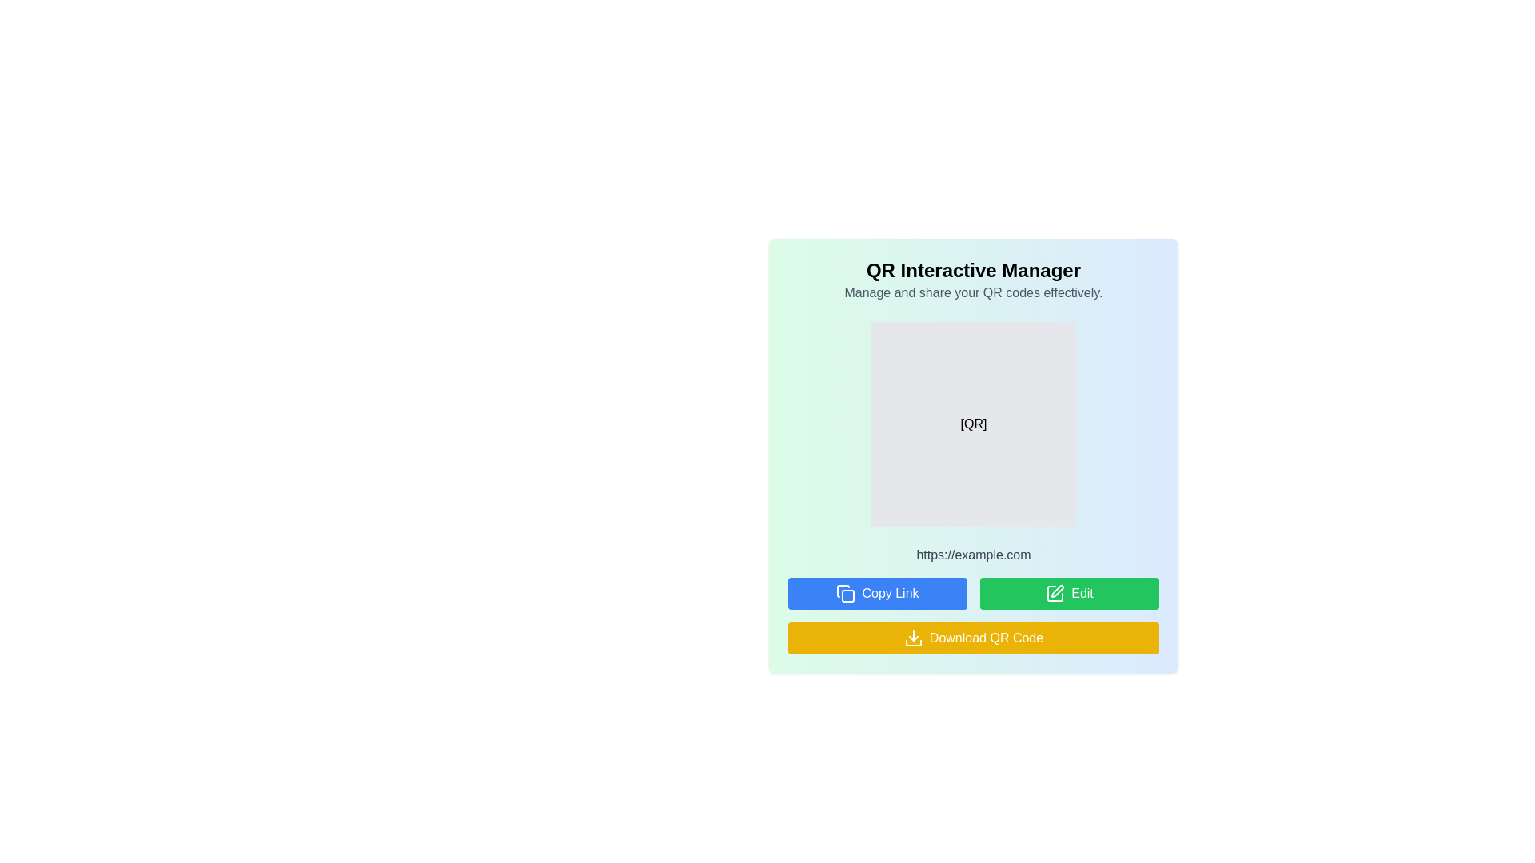 The image size is (1535, 863). What do you see at coordinates (973, 280) in the screenshot?
I see `the Text display header with the title 'QR Interactive Manager' and its subtitle 'Manage and share your QR codes effectively.'` at bounding box center [973, 280].